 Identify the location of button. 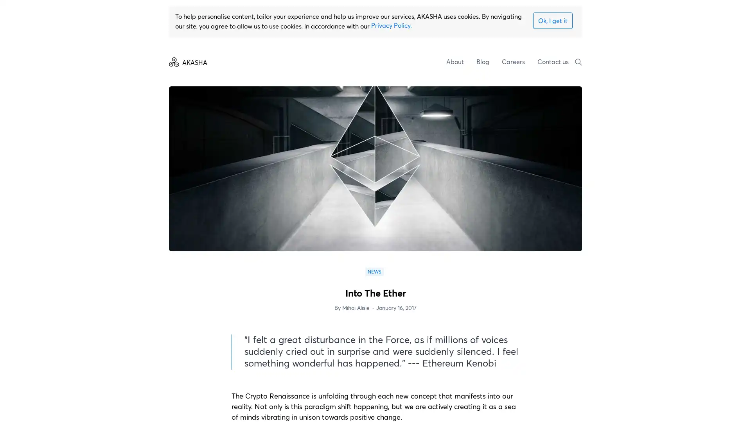
(552, 20).